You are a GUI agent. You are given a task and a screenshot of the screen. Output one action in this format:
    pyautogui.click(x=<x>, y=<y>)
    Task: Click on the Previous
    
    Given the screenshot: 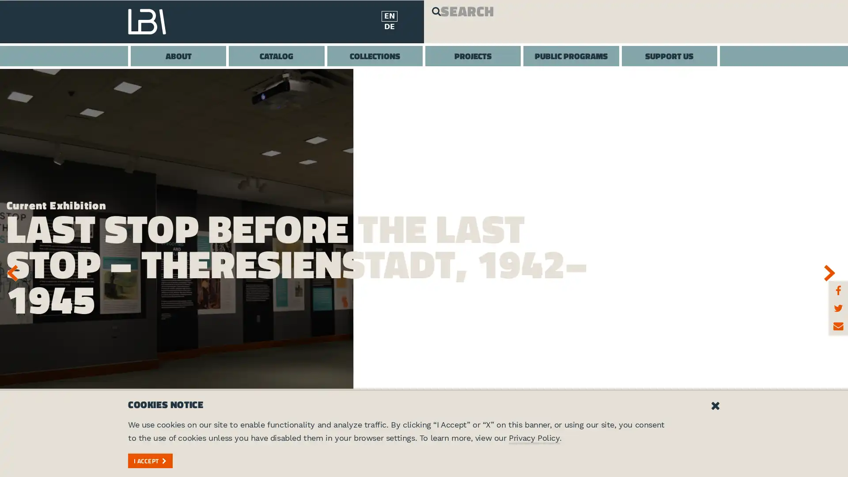 What is the action you would take?
    pyautogui.click(x=15, y=272)
    